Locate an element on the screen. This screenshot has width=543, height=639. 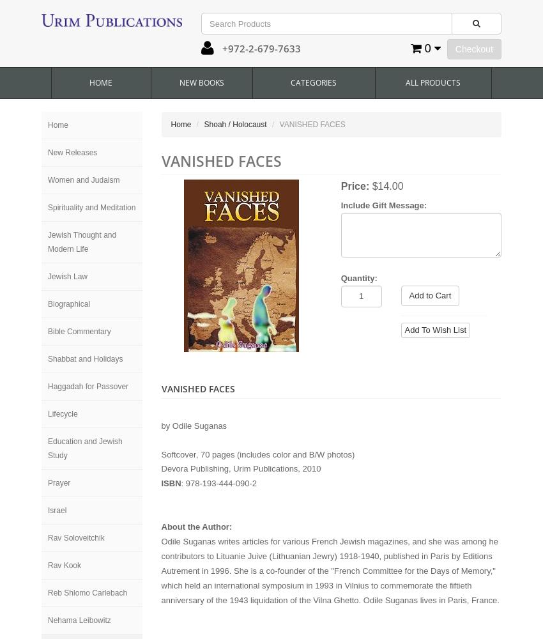
'$14.00' is located at coordinates (386, 186).